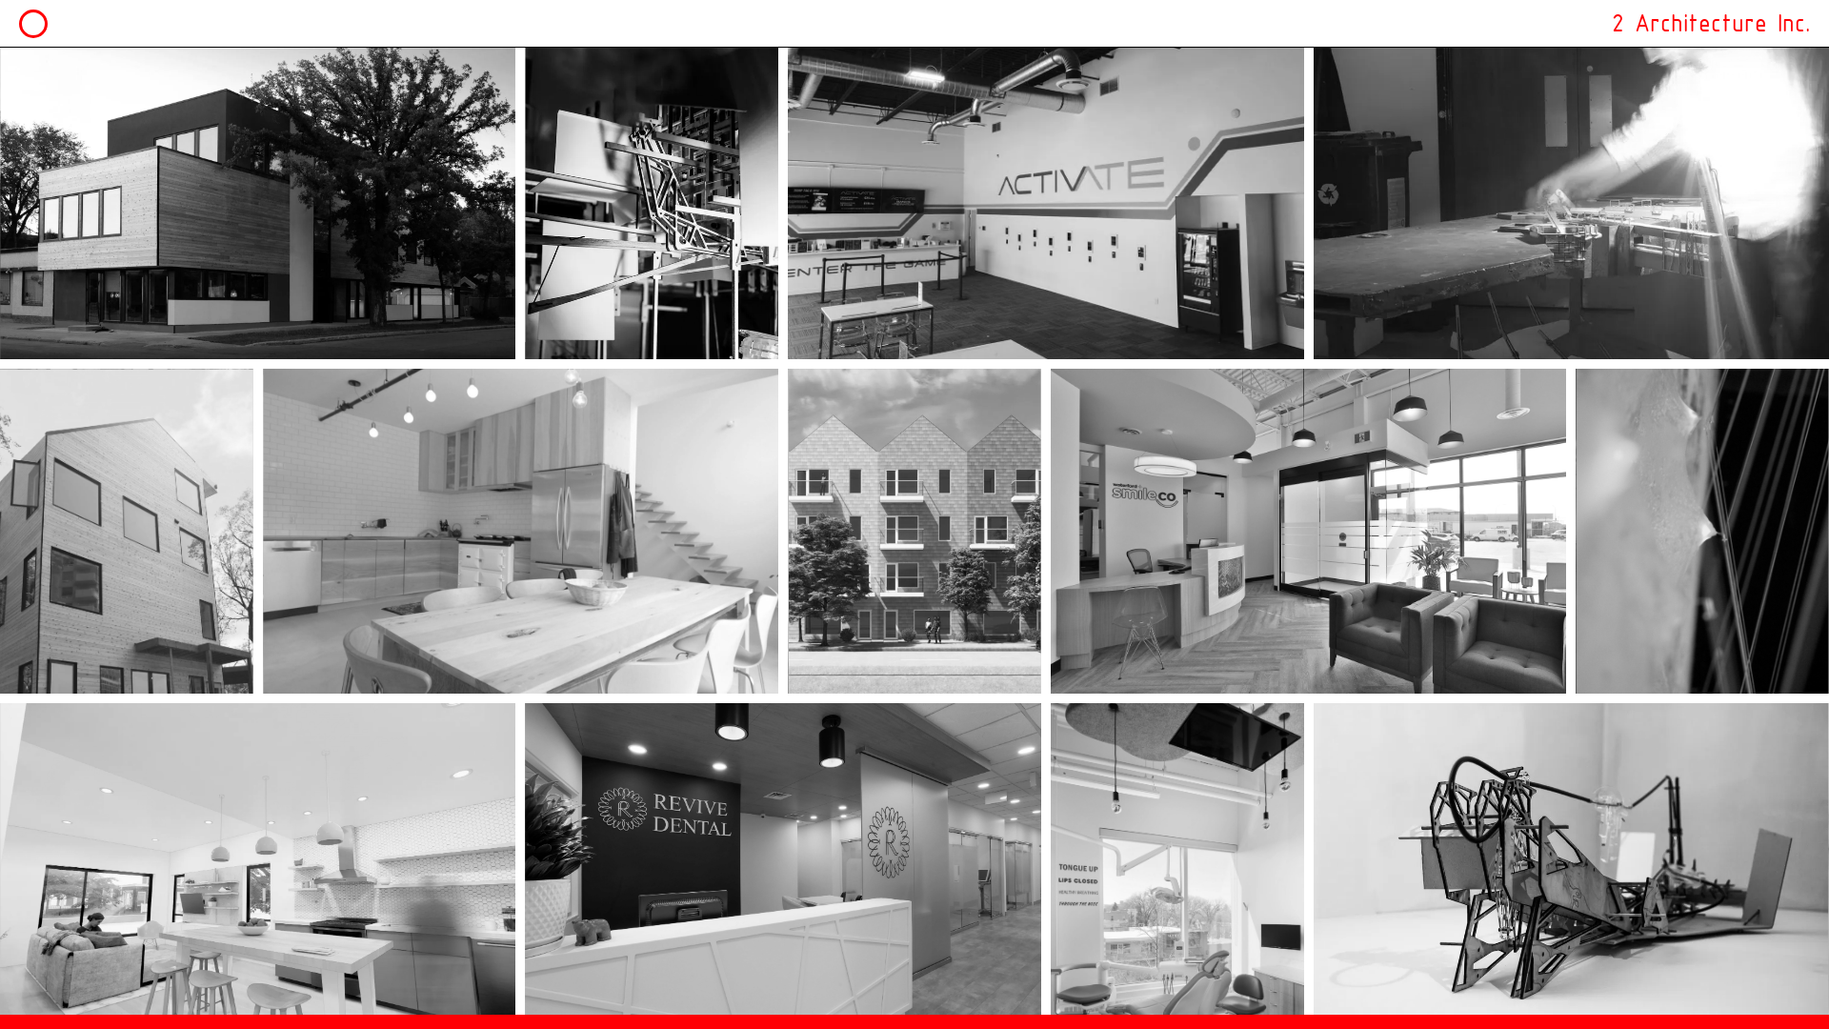 Image resolution: width=1829 pixels, height=1029 pixels. Describe the element at coordinates (1610, 23) in the screenshot. I see `'2 Architecture Inc.'` at that location.